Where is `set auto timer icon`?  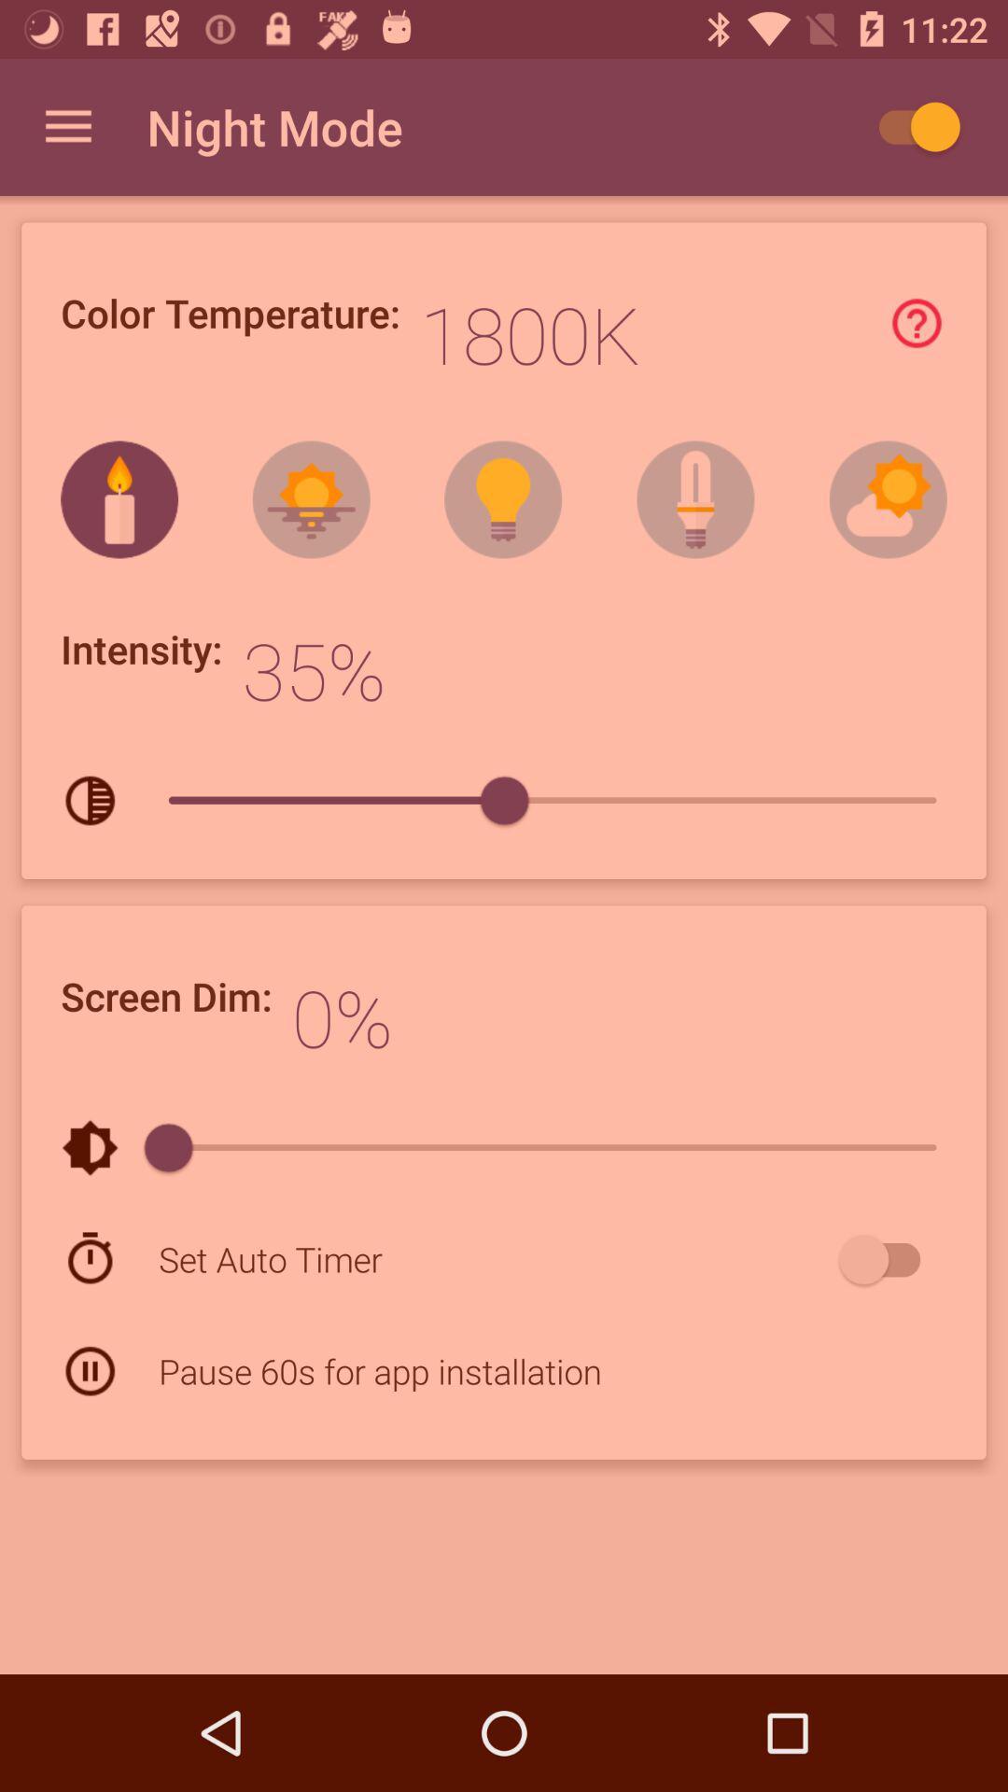
set auto timer icon is located at coordinates (494, 1259).